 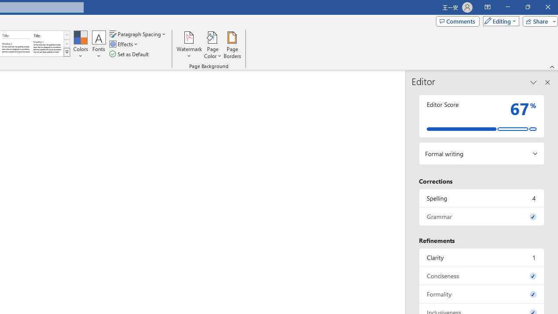 I want to click on 'Minimize', so click(x=507, y=7).